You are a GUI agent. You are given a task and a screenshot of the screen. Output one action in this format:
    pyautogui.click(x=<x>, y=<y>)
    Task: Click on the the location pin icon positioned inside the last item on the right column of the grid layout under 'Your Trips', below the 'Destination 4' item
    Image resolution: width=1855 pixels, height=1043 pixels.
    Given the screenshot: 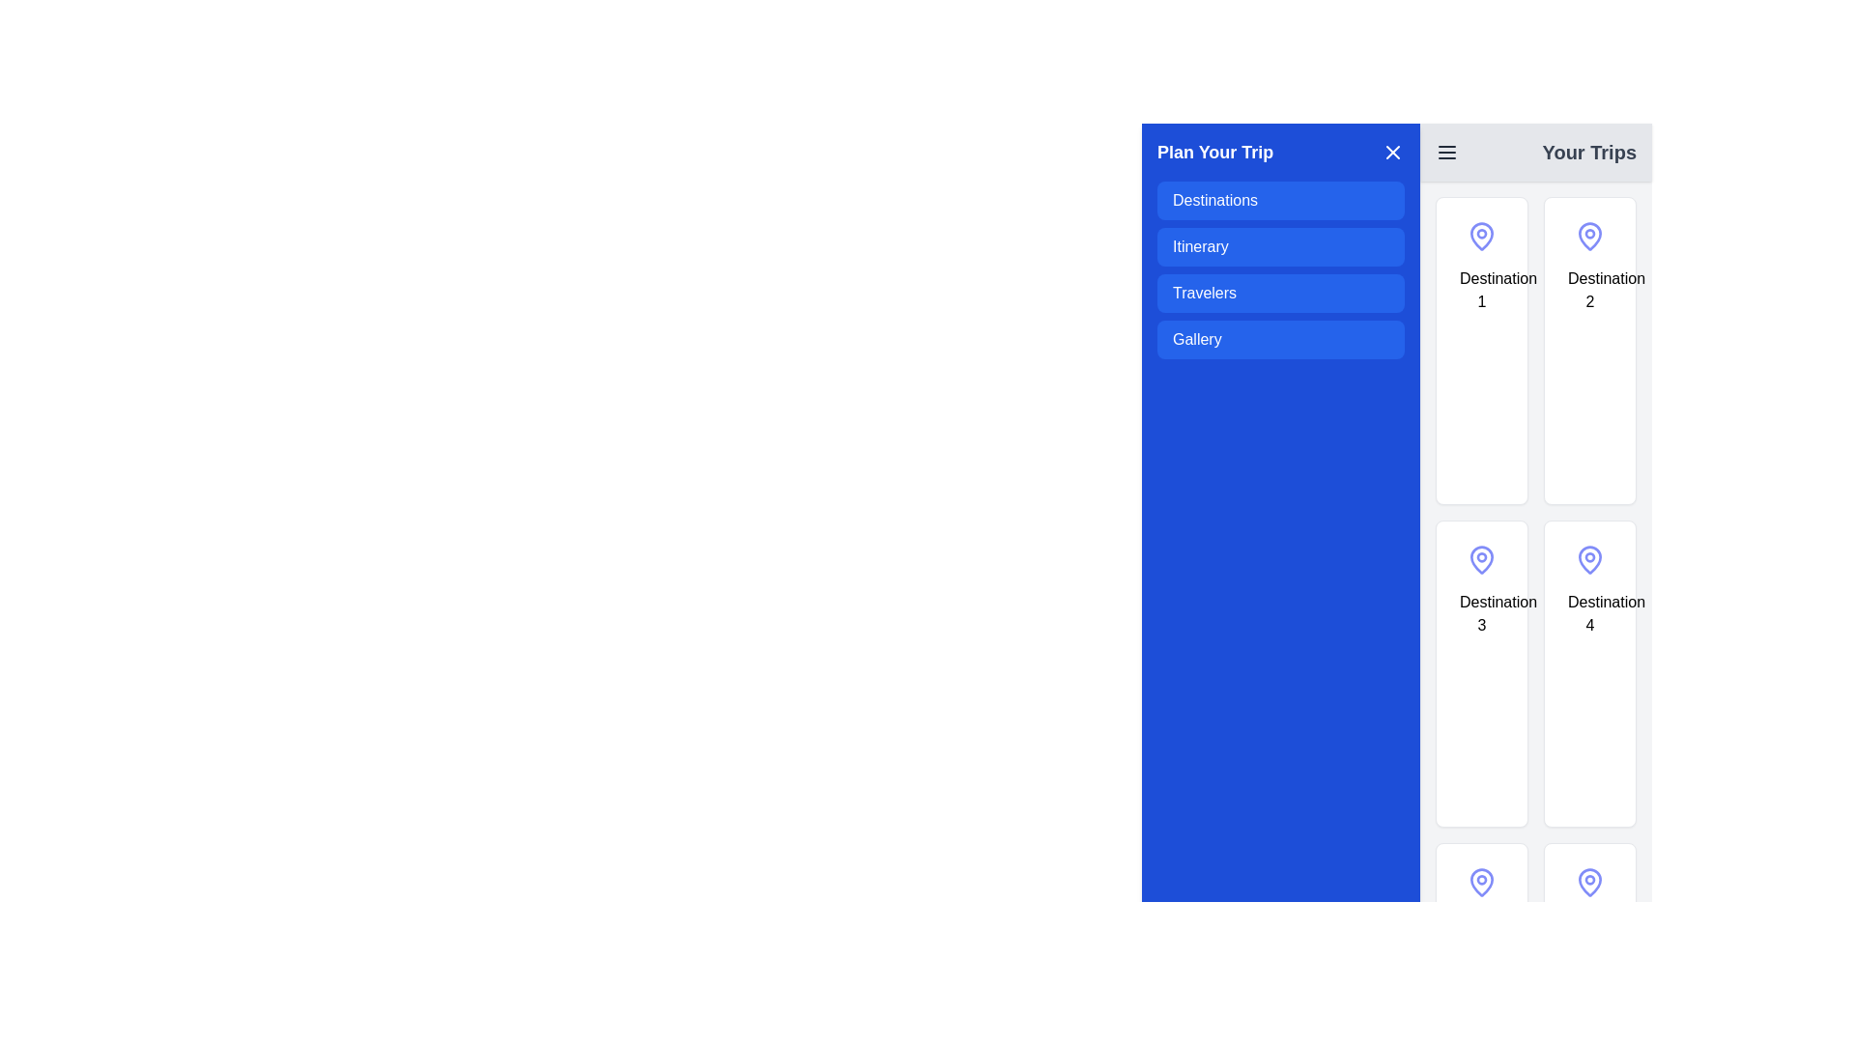 What is the action you would take?
    pyautogui.click(x=1590, y=883)
    